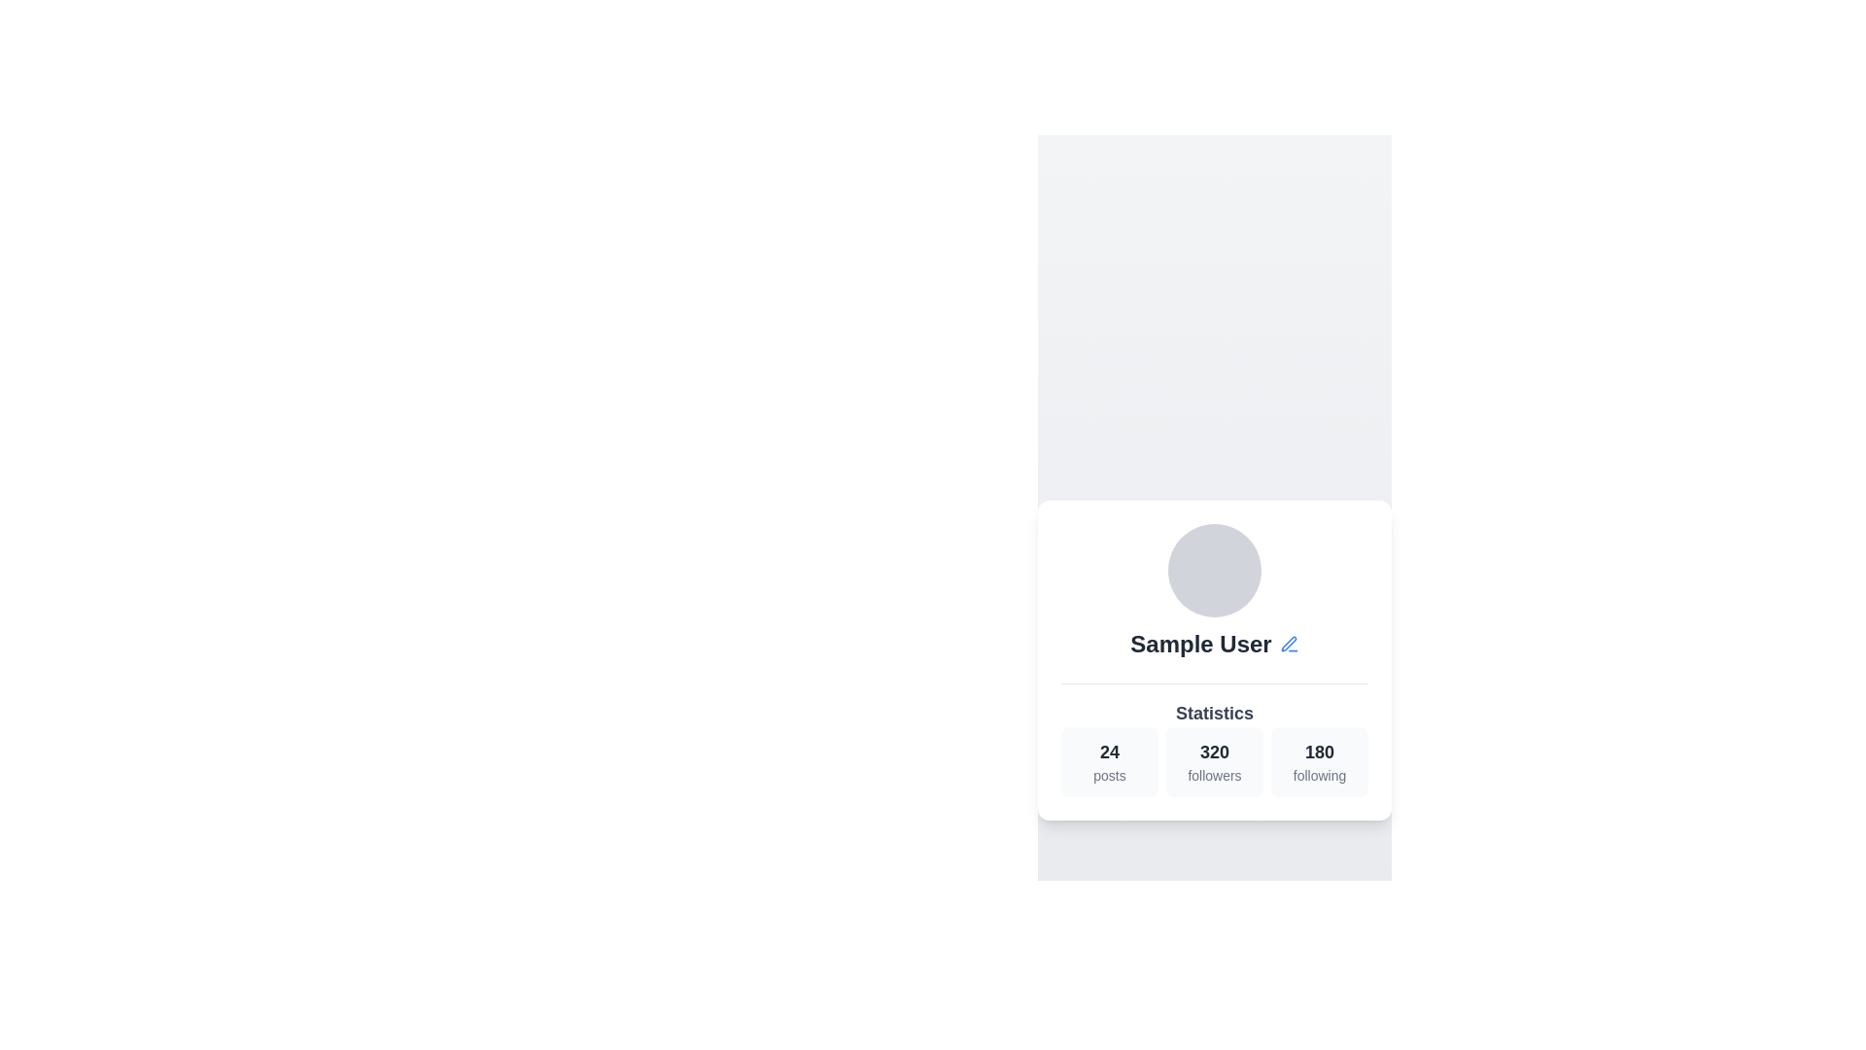  Describe the element at coordinates (1213, 712) in the screenshot. I see `the static text element labeled 'Statistics', which serves as a header for the statistical summary section` at that location.